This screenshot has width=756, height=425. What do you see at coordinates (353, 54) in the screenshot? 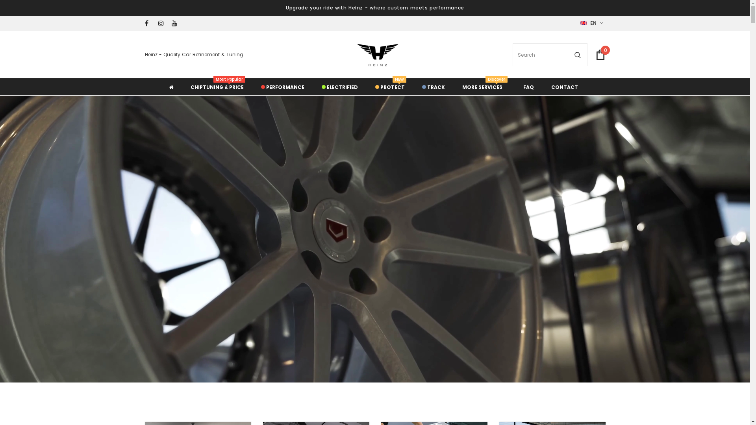
I see `'Logo'` at bounding box center [353, 54].